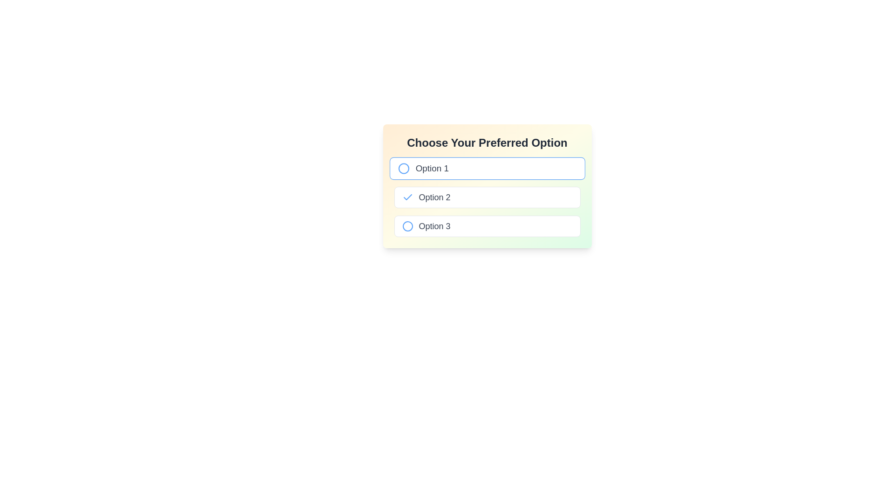  I want to click on the text label that identifies the second choice in the menu, which is located directly to the right of a checkmark icon in a vertical list of options, so click(434, 197).